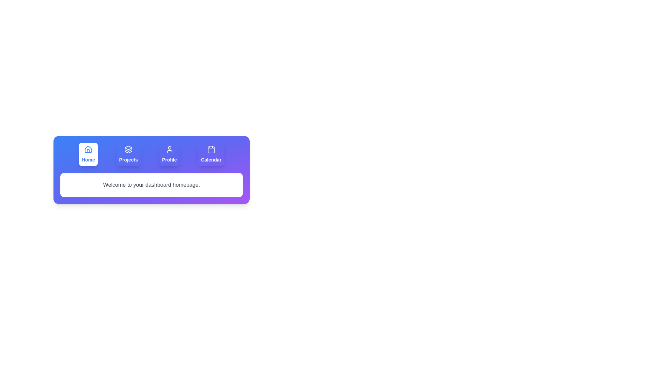  What do you see at coordinates (128, 154) in the screenshot?
I see `the tab button labeled Projects` at bounding box center [128, 154].